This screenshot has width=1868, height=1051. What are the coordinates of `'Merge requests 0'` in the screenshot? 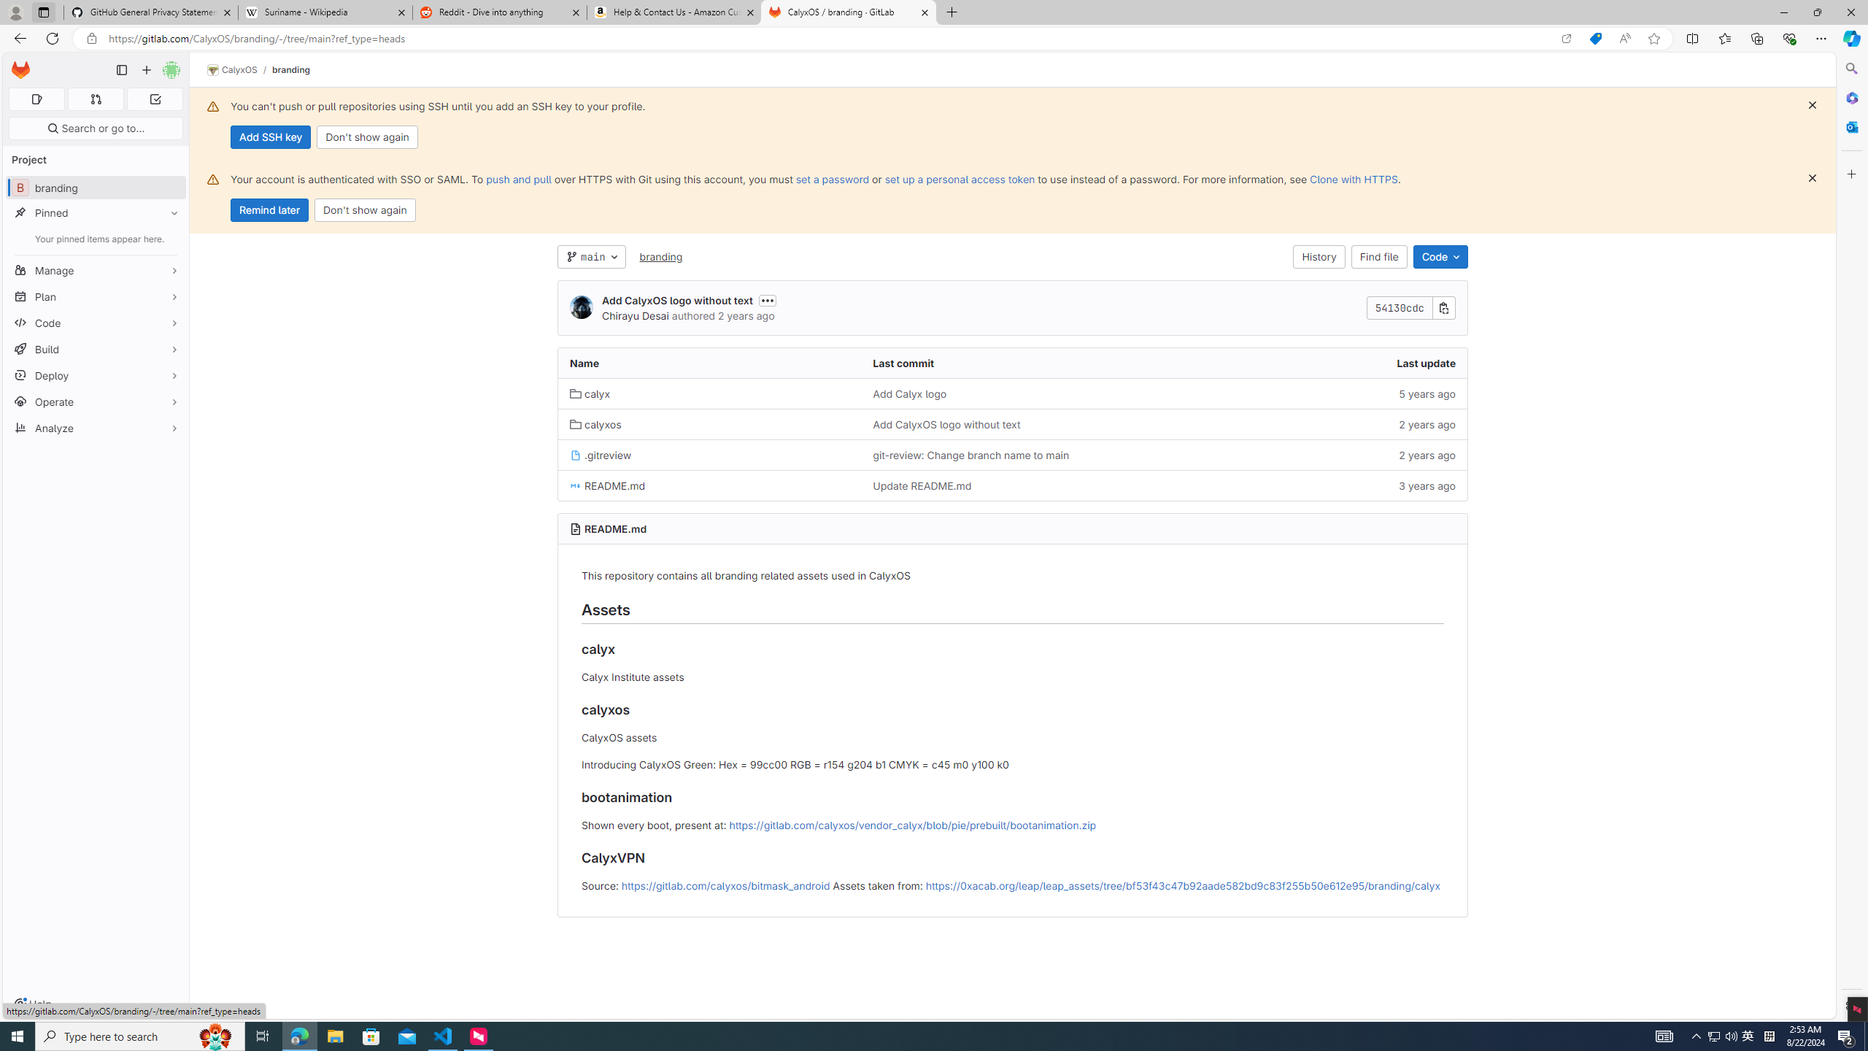 It's located at (95, 99).